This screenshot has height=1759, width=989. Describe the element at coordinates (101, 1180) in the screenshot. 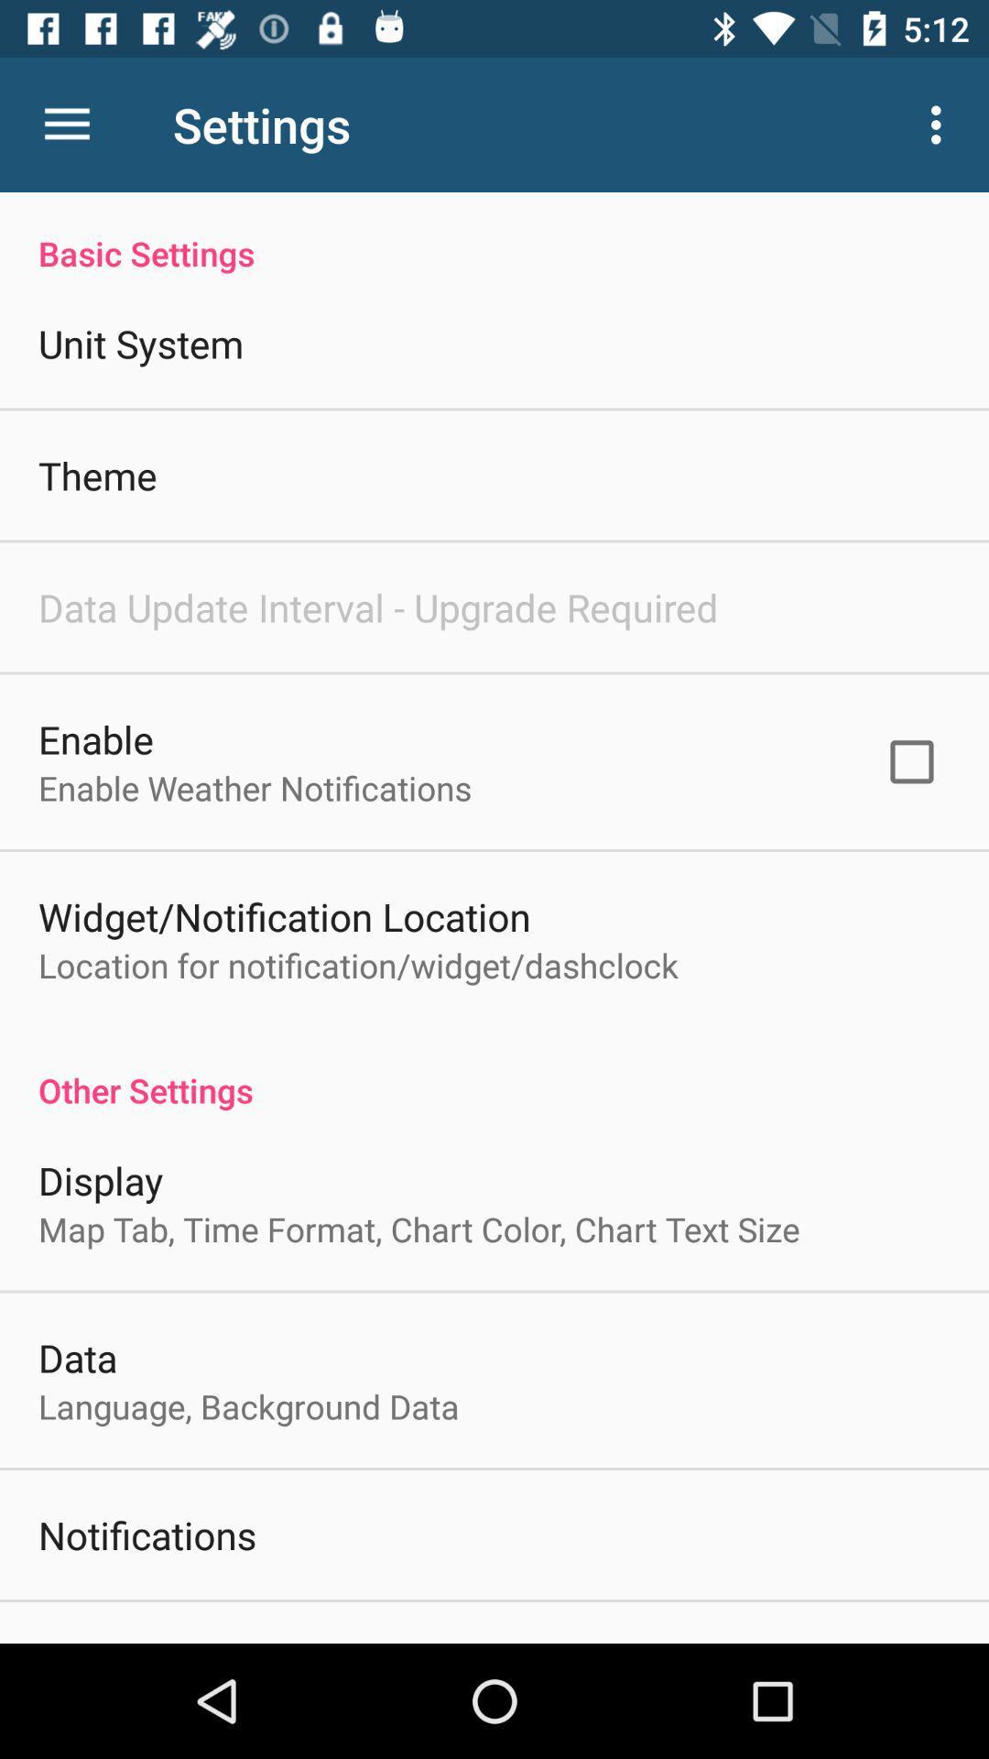

I see `icon below other settings` at that location.